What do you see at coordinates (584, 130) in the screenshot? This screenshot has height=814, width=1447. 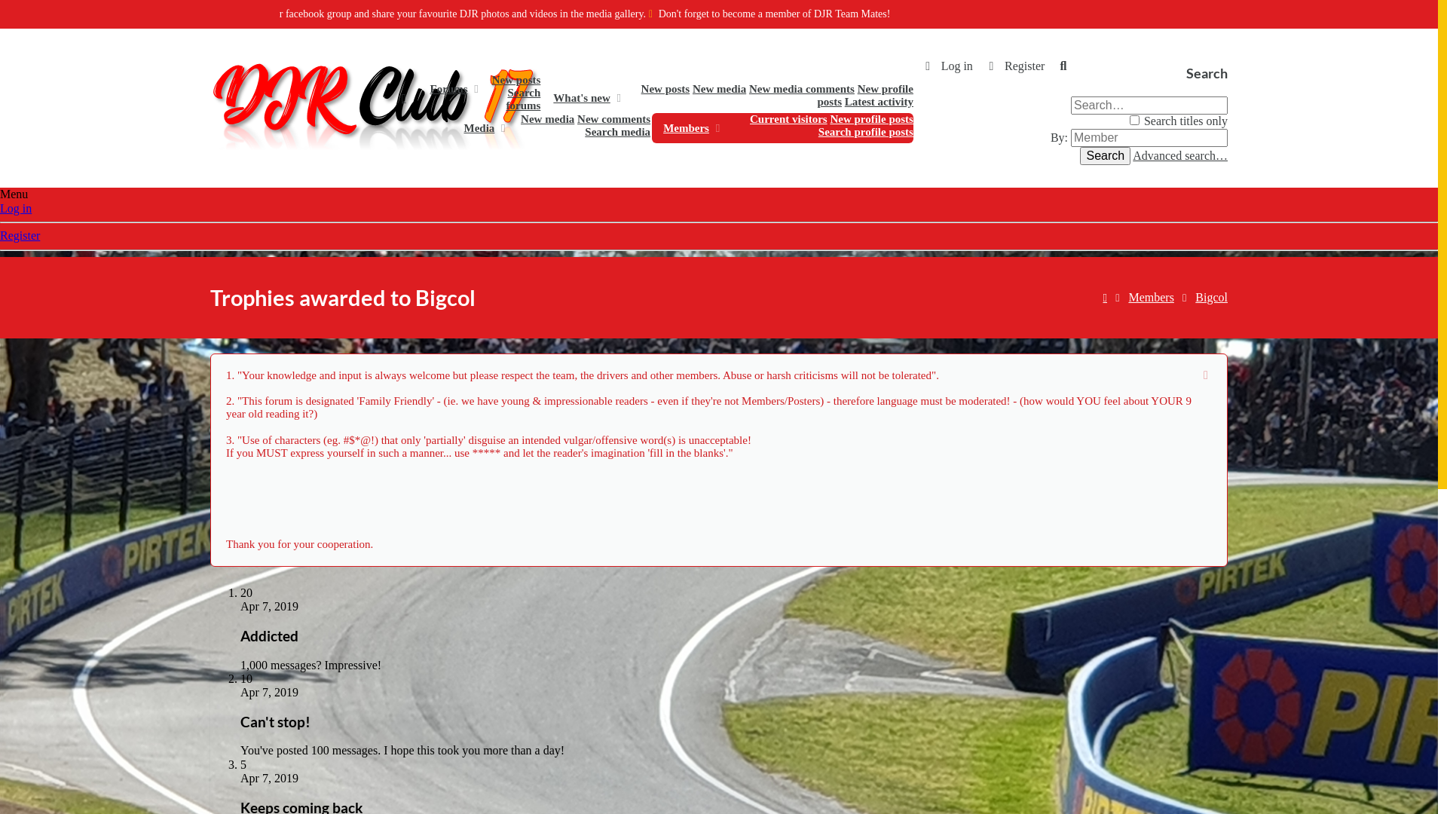 I see `'Search media'` at bounding box center [584, 130].